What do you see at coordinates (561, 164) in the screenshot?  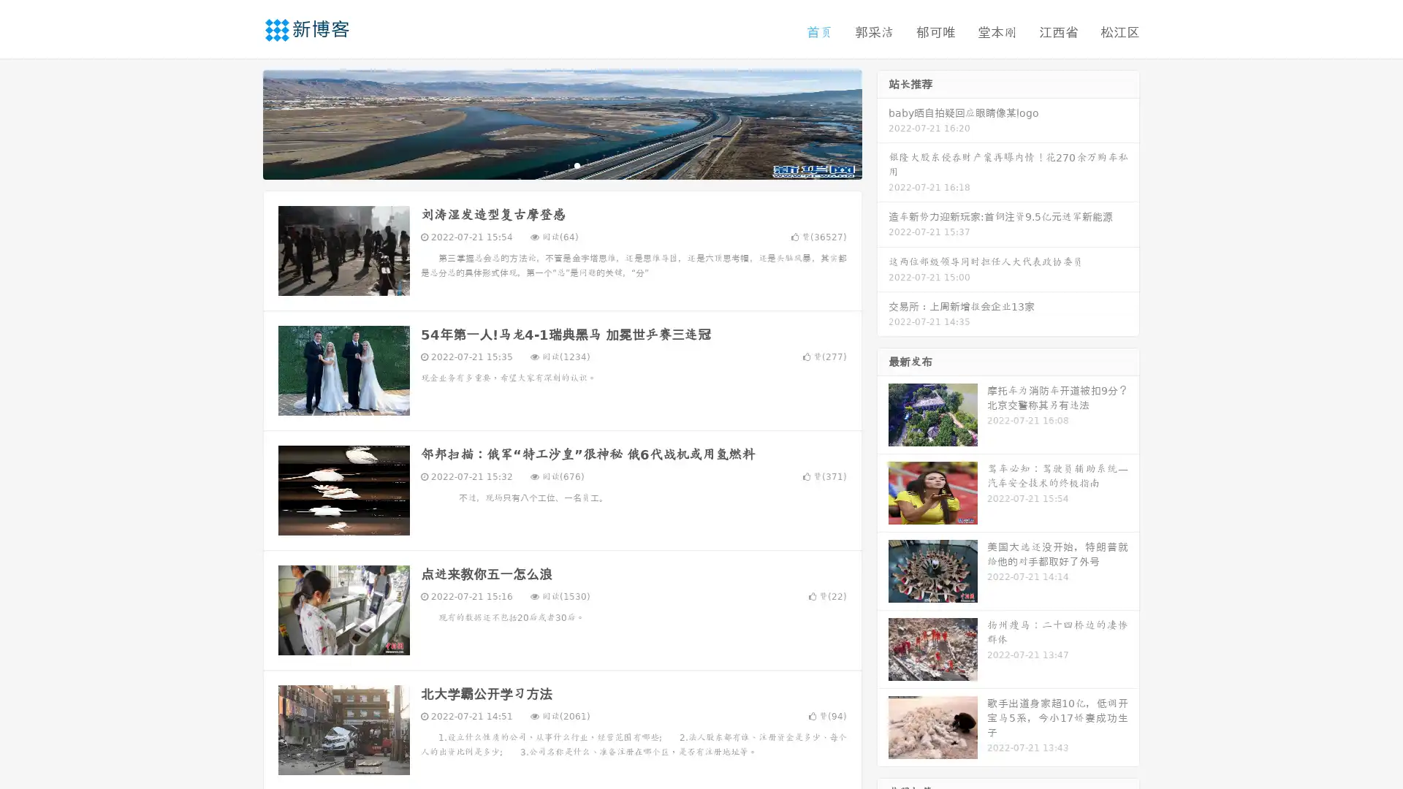 I see `Go to slide 2` at bounding box center [561, 164].